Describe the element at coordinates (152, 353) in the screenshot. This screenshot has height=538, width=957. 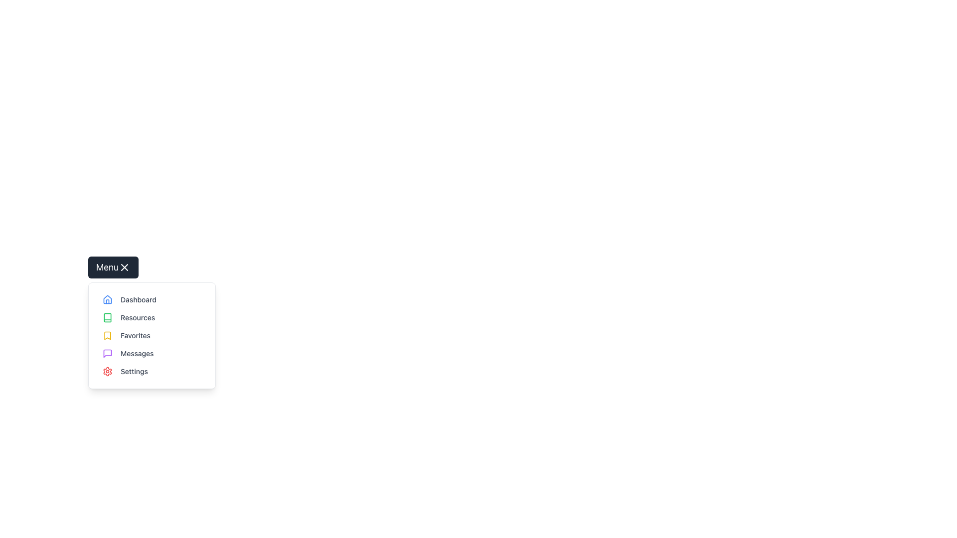
I see `the 'Messages' button in the sidebar list, which is styled with a purple icon and is the fourth item below 'Dashboard'` at that location.